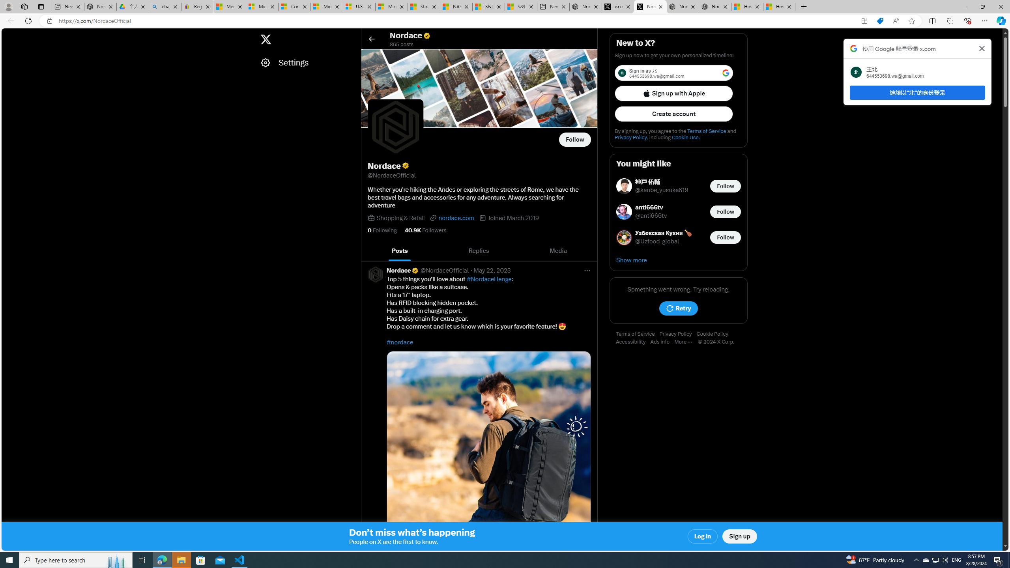 The width and height of the screenshot is (1010, 568). Describe the element at coordinates (864, 21) in the screenshot. I see `'App available. Install X'` at that location.